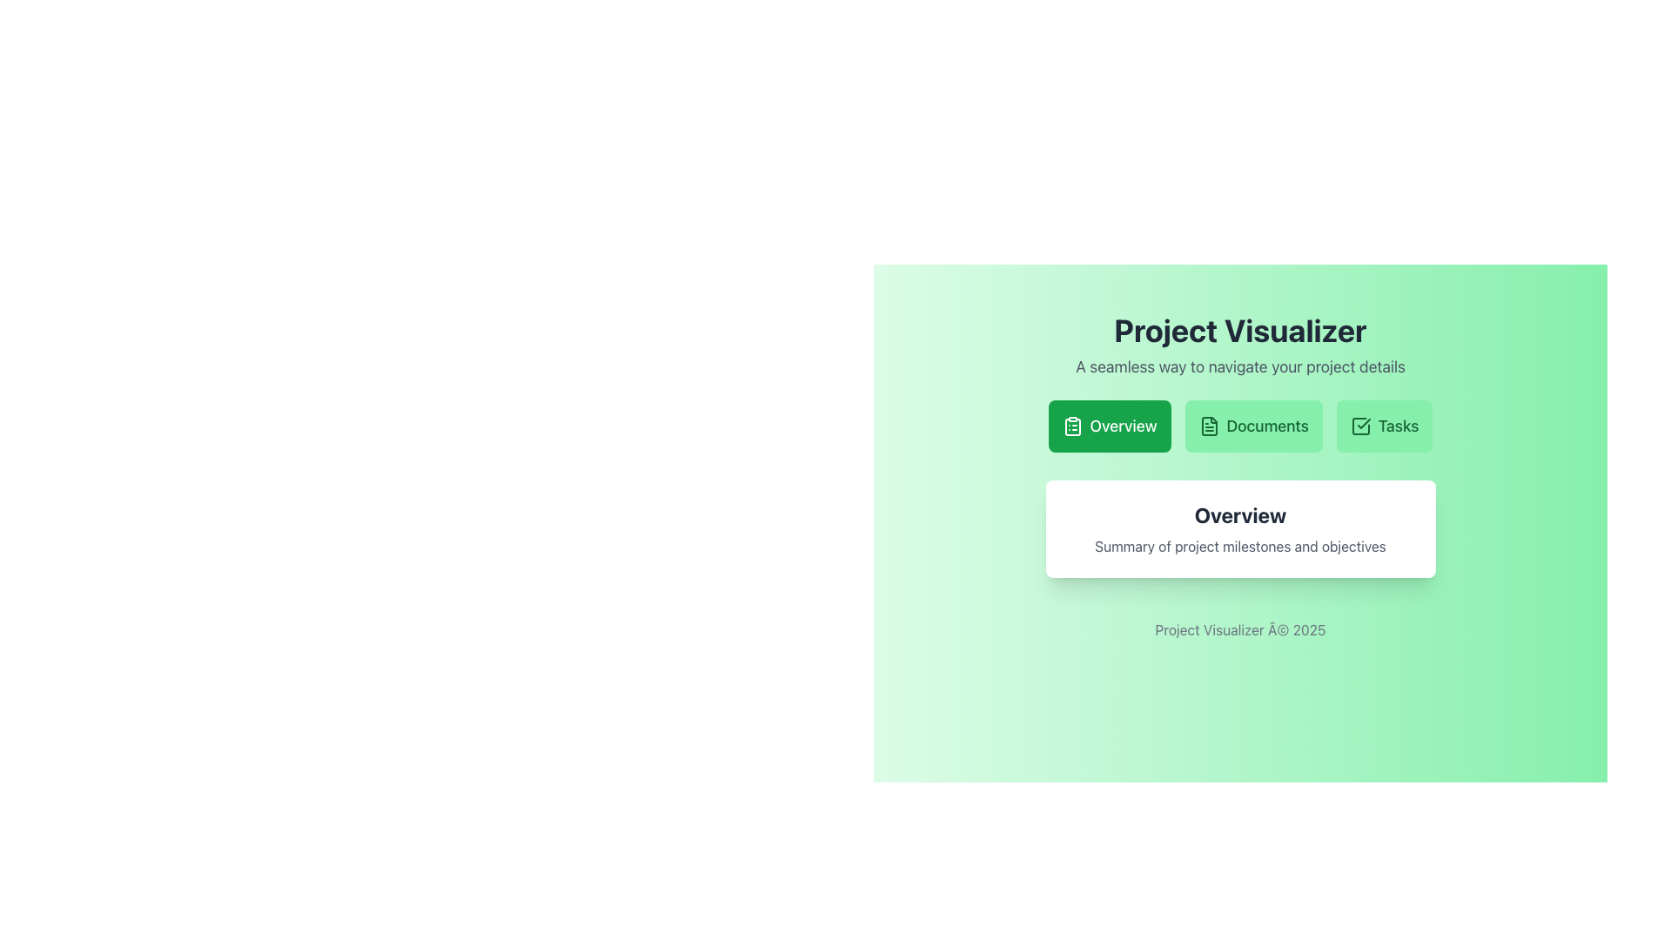 This screenshot has height=940, width=1671. Describe the element at coordinates (1359, 426) in the screenshot. I see `the decorative checkmark icon within the rightmost green 'Tasks' button, indicating task completion status` at that location.